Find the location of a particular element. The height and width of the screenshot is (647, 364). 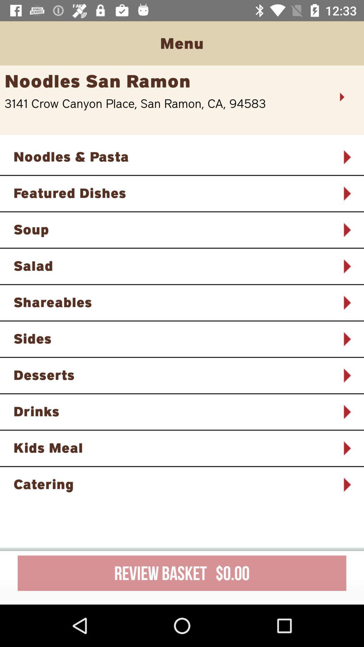

the item to the right of featured dishes is located at coordinates (346, 193).